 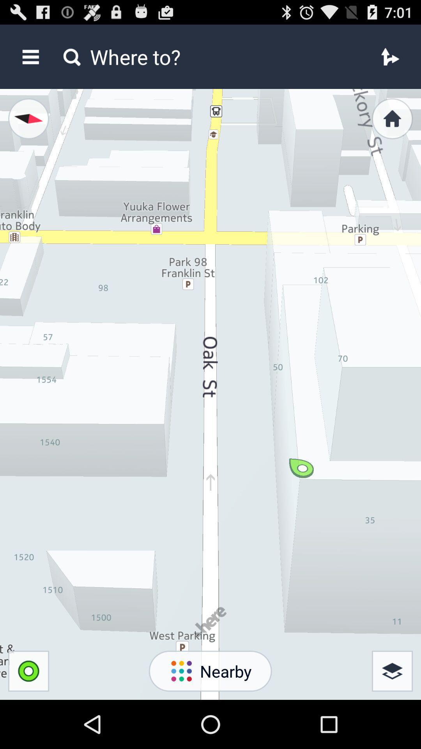 What do you see at coordinates (27, 127) in the screenshot?
I see `the explore icon` at bounding box center [27, 127].